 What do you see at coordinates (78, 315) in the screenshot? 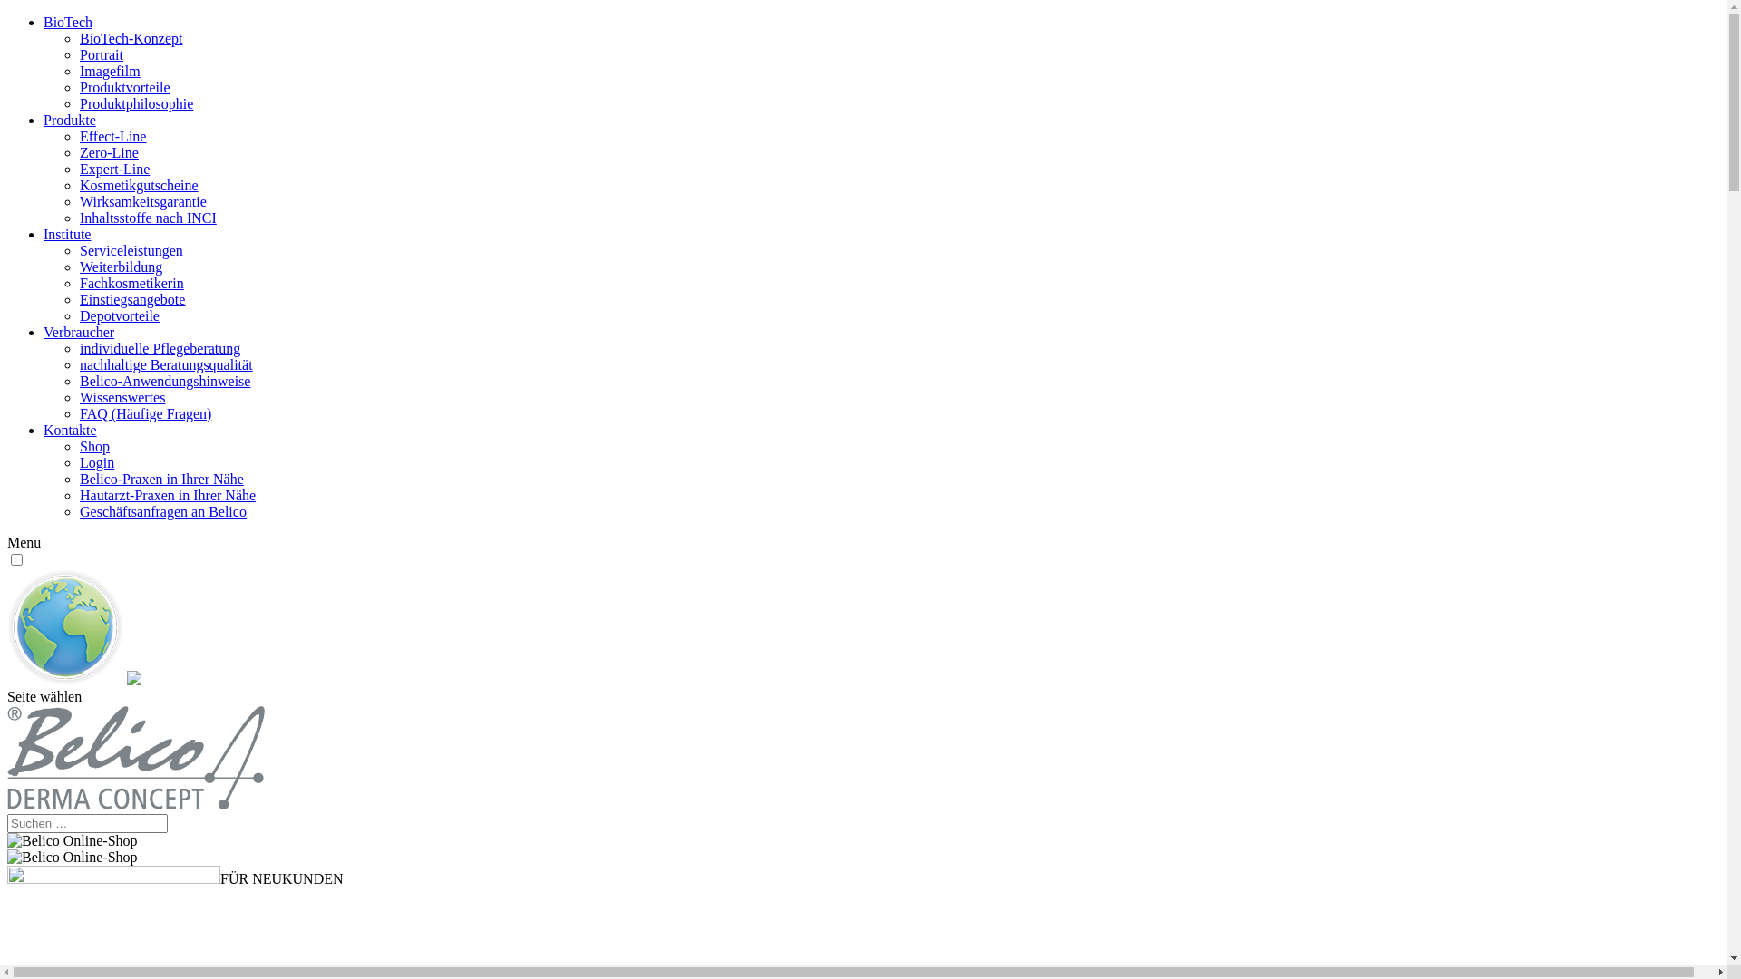
I see `'Depotvorteile'` at bounding box center [78, 315].